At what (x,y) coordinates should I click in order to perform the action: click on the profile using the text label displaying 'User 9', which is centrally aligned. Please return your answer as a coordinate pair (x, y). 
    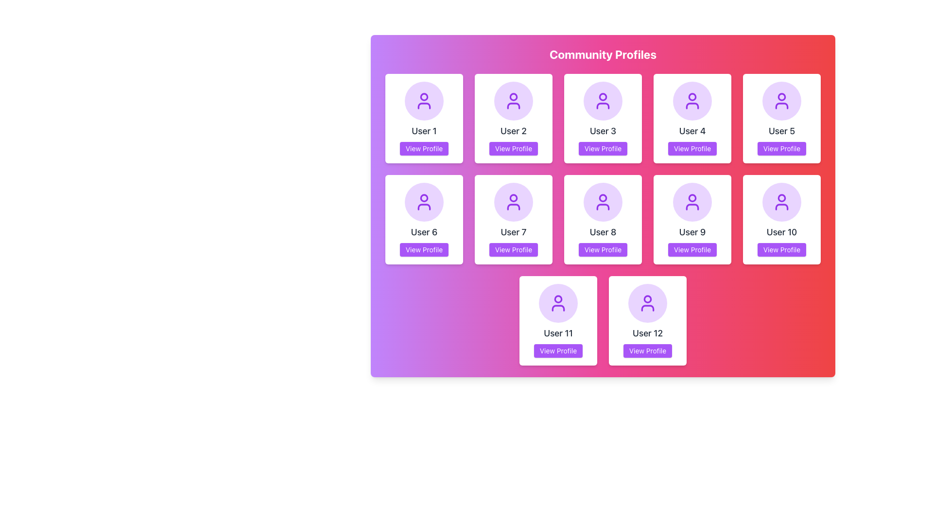
    Looking at the image, I should click on (692, 232).